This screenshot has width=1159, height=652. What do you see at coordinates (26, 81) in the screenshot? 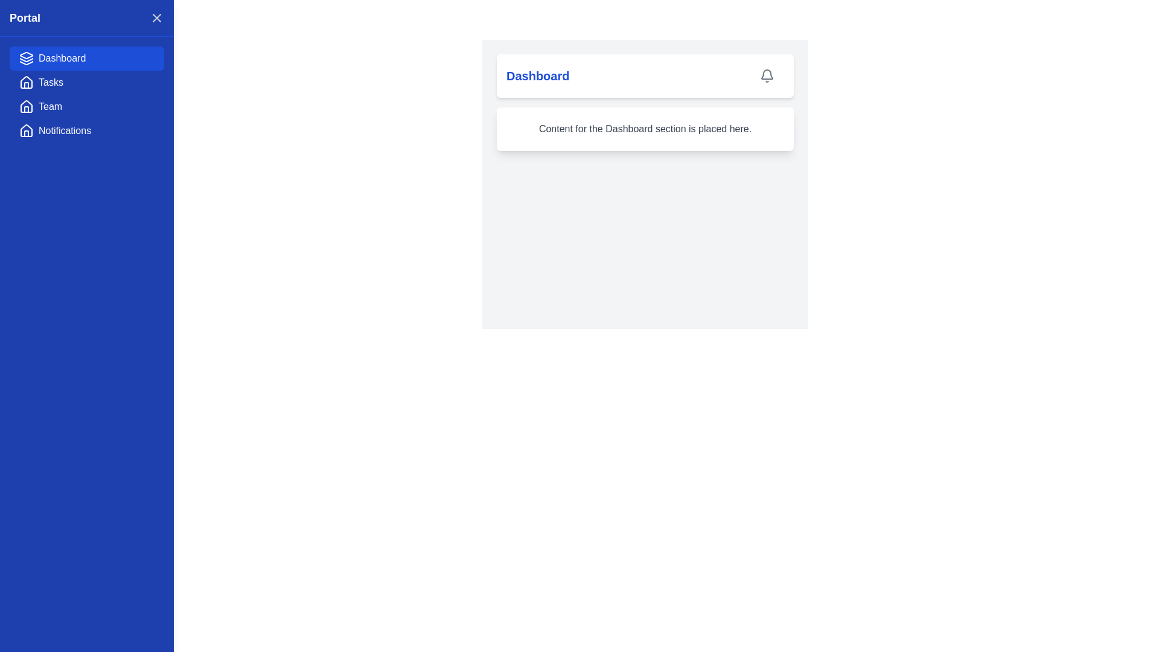
I see `the 'Tasks' icon in the left-hand navigation panel, which is the second icon in the vertically stacked list, positioned below 'Dashboard' and above 'Team'` at bounding box center [26, 81].